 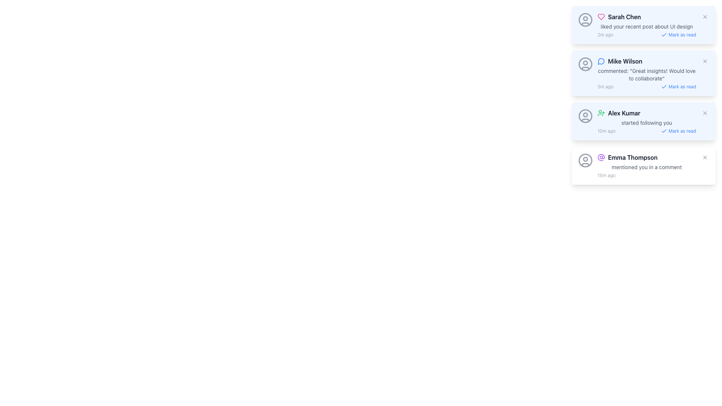 I want to click on the small circular user icon represented by an SVG graphic in the header of the notification for 'Mike Wilson commented', so click(x=585, y=62).